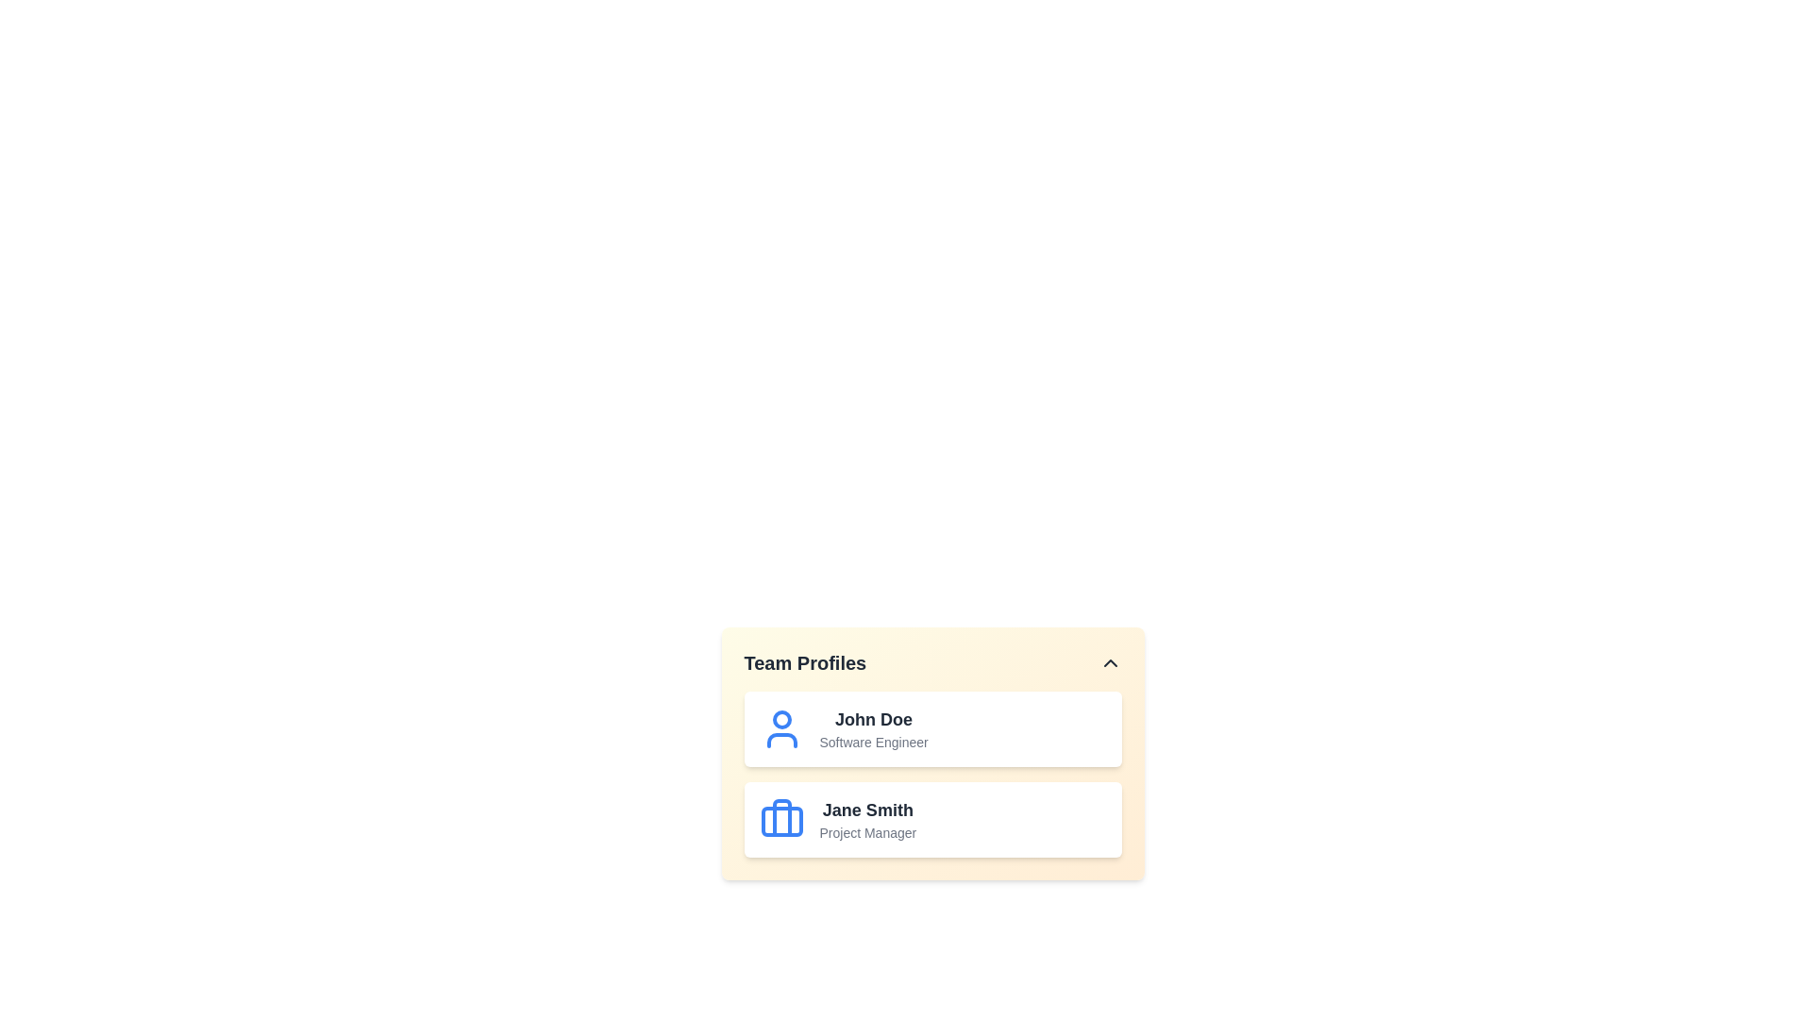 The width and height of the screenshot is (1812, 1019). What do you see at coordinates (781, 720) in the screenshot?
I see `the Circle shape representing the head in the graphical user icon for accessibility settings` at bounding box center [781, 720].